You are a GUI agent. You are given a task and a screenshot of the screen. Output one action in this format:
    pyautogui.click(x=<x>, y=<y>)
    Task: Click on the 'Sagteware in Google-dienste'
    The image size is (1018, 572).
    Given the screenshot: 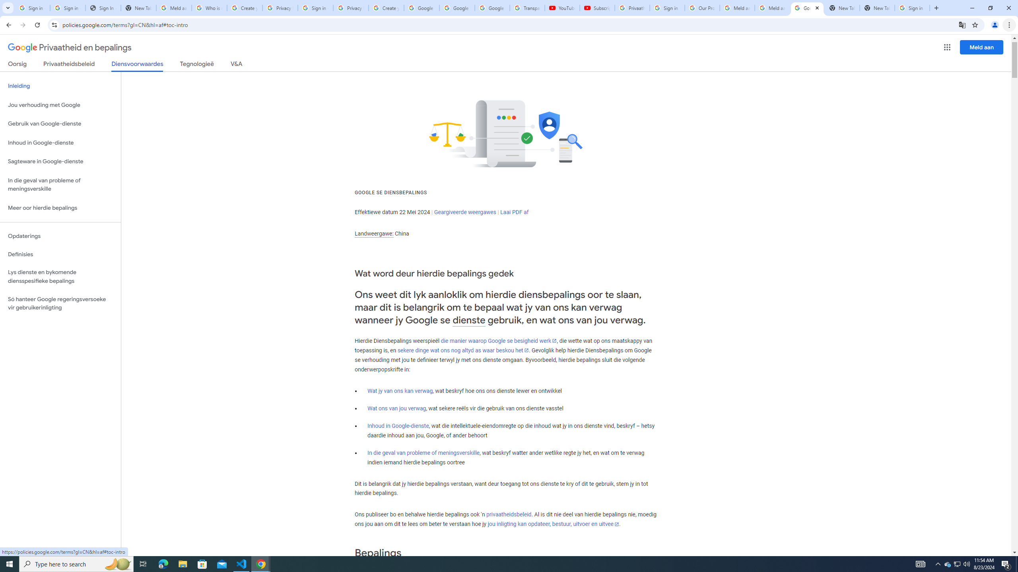 What is the action you would take?
    pyautogui.click(x=60, y=161)
    